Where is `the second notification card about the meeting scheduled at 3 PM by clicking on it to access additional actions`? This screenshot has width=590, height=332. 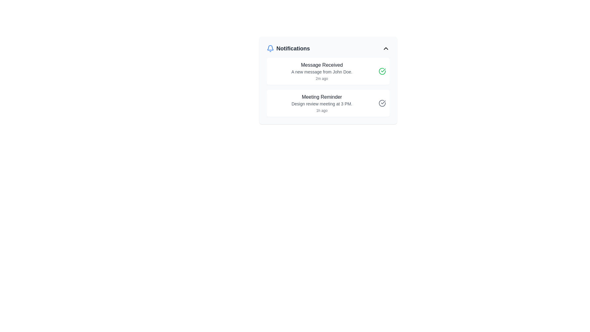 the second notification card about the meeting scheduled at 3 PM by clicking on it to access additional actions is located at coordinates (328, 103).